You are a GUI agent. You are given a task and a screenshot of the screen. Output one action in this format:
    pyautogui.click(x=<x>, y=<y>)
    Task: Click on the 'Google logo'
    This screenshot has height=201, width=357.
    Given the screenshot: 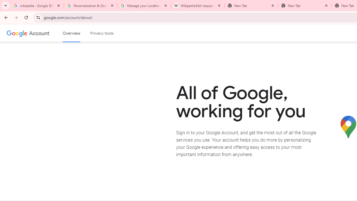 What is the action you would take?
    pyautogui.click(x=17, y=33)
    